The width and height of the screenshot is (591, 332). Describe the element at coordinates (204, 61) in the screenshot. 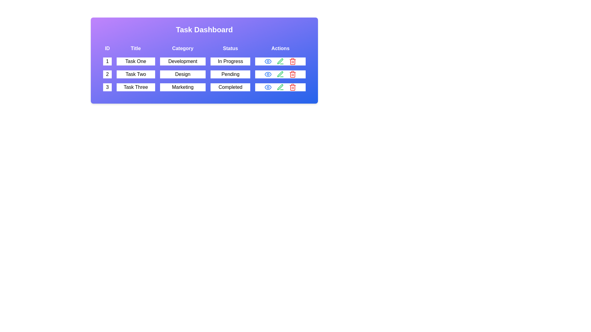

I see `the row with ID 1 to read its details` at that location.